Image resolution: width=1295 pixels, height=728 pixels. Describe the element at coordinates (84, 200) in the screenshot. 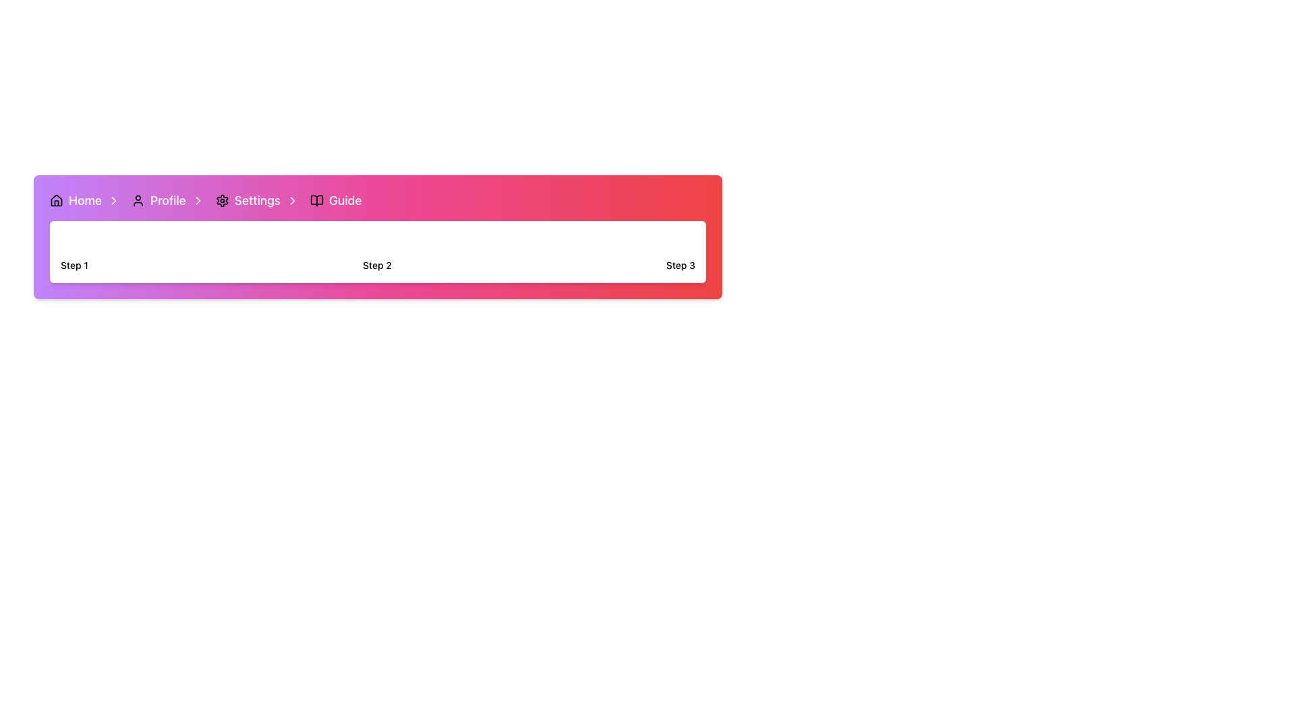

I see `the 'Home' text label in the navigation bar` at that location.